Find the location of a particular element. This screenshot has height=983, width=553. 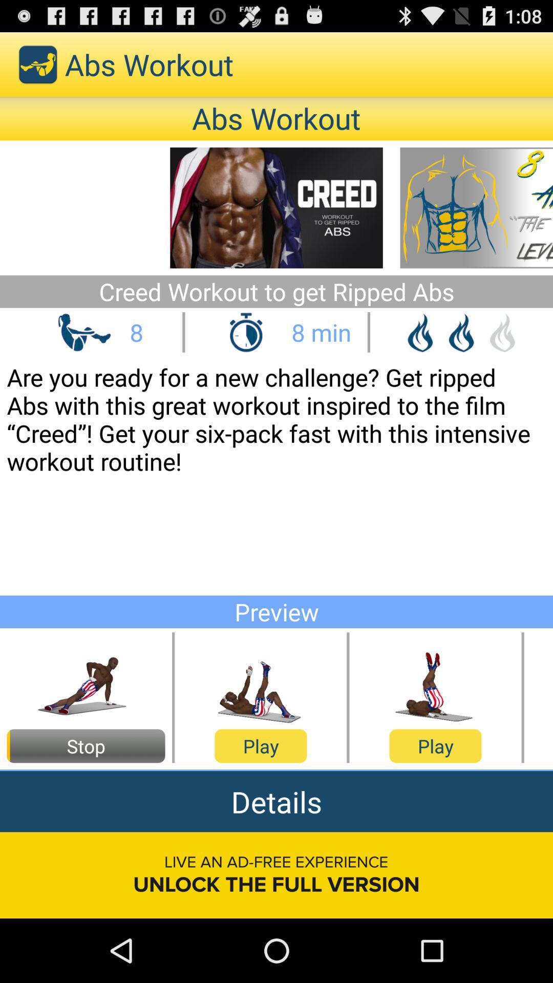

the details app is located at coordinates (276, 801).